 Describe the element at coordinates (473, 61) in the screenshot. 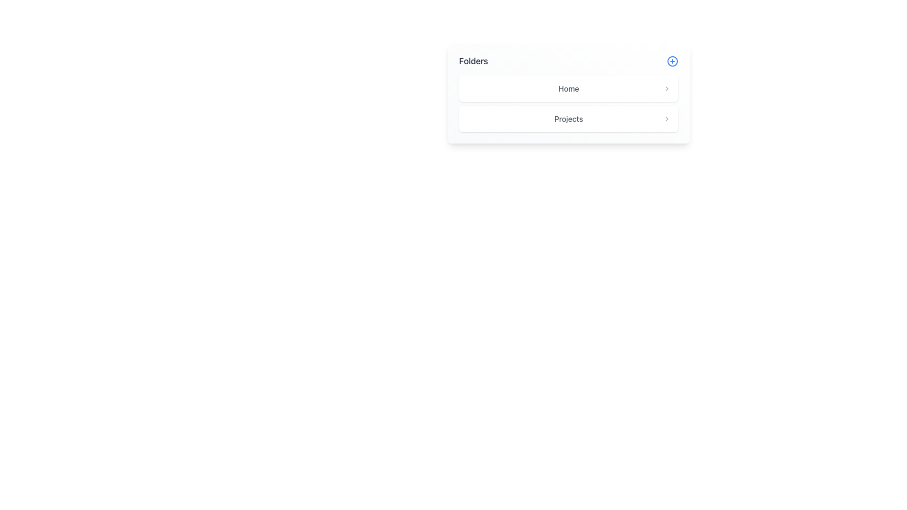

I see `the title text label located in the top left corner of the card-like layout for interactions` at that location.